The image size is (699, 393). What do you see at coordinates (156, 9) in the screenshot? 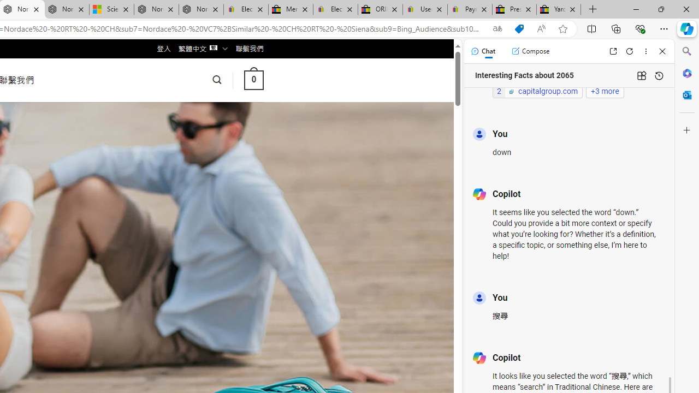
I see `'Nordace - Summer Adventures 2024'` at bounding box center [156, 9].